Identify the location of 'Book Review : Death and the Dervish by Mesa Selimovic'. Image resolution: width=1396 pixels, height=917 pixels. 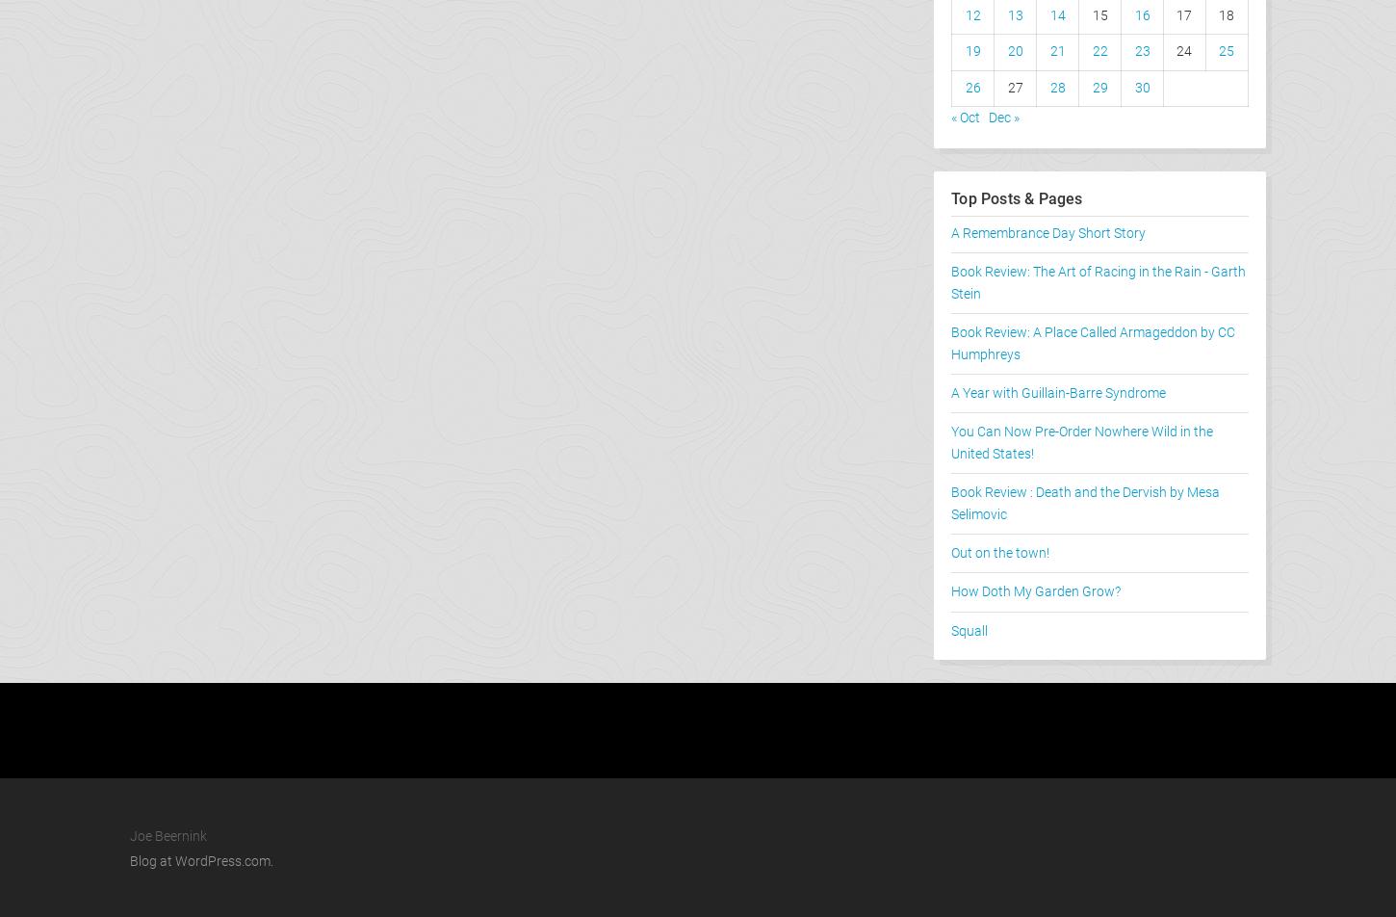
(951, 504).